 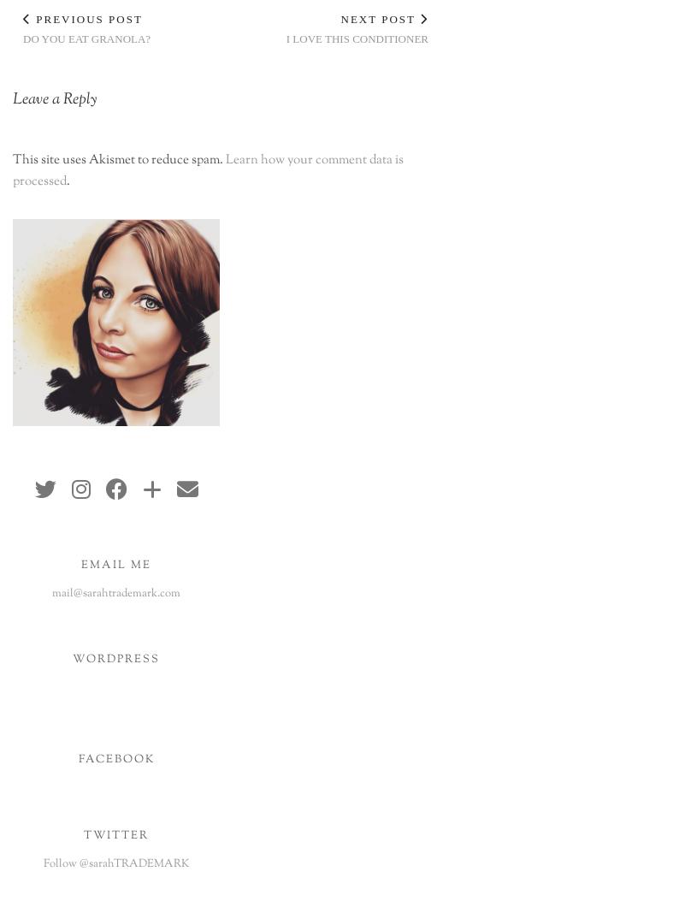 What do you see at coordinates (115, 757) in the screenshot?
I see `'FACEBOOK'` at bounding box center [115, 757].